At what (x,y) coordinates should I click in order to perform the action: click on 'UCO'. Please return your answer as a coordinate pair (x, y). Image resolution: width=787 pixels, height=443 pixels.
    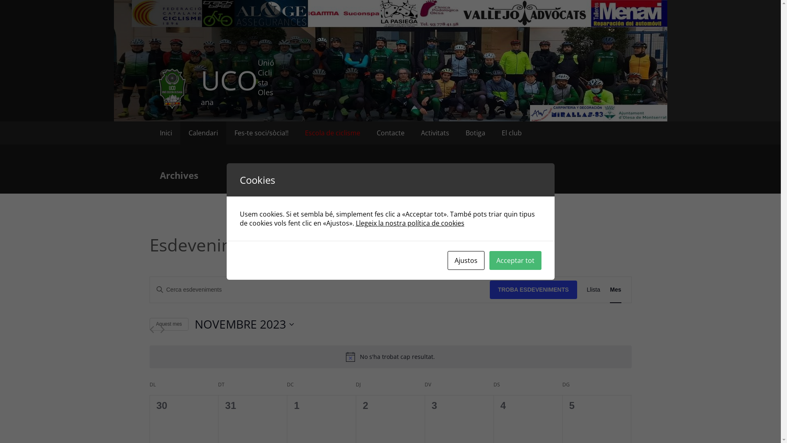
    Looking at the image, I should click on (229, 80).